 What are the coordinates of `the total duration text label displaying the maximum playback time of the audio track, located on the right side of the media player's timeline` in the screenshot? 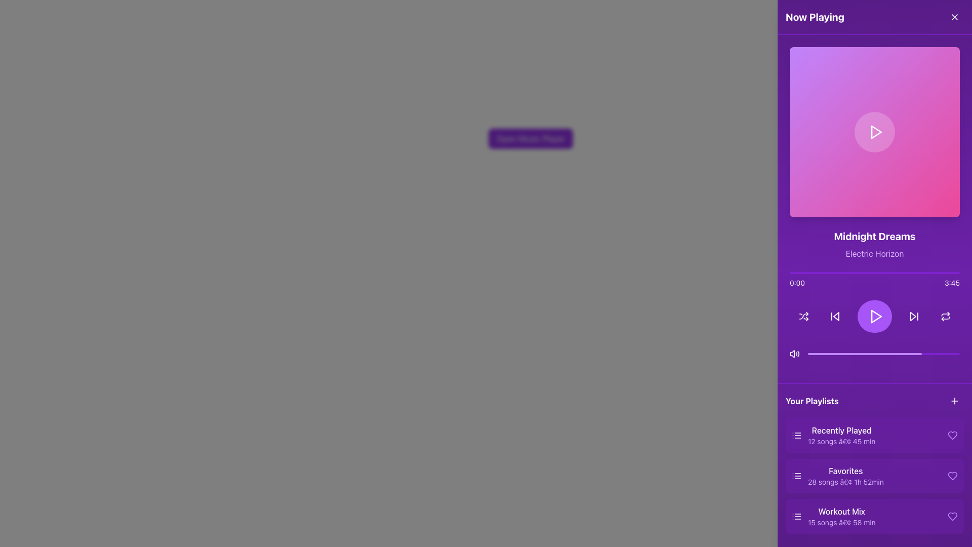 It's located at (952, 283).